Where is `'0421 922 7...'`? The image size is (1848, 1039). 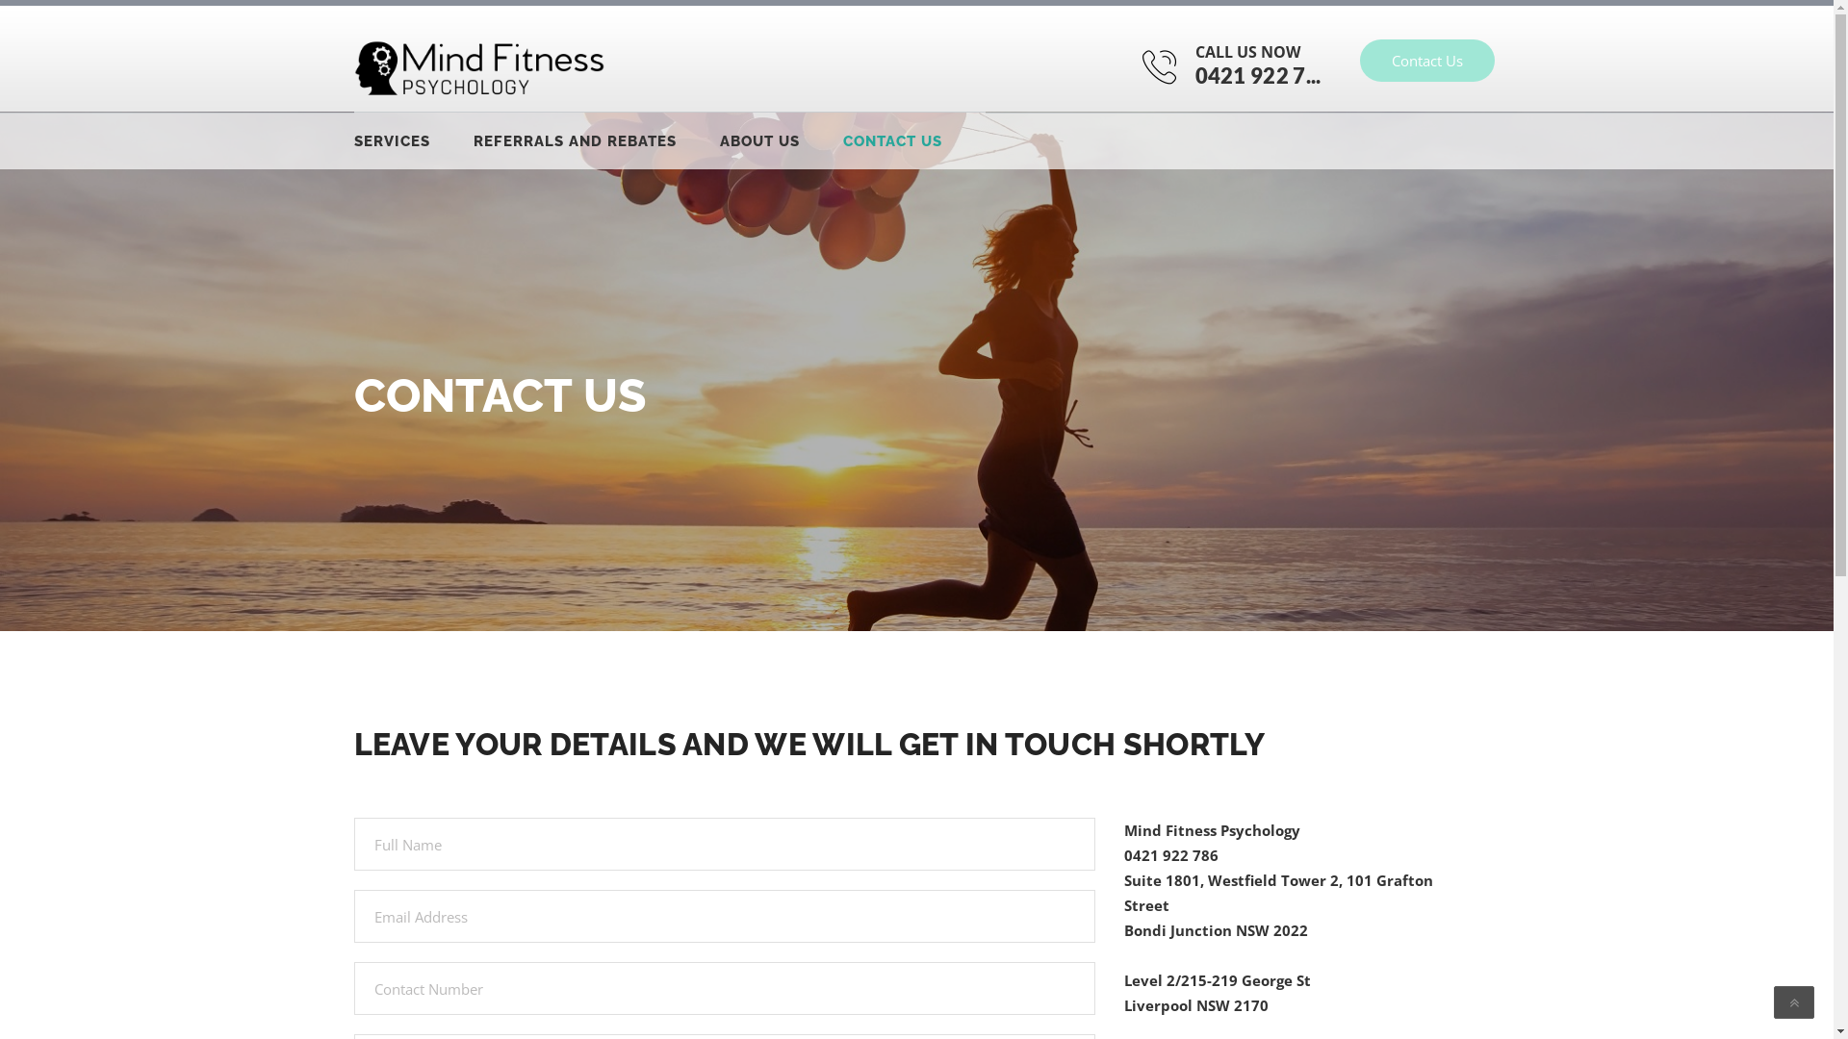 '0421 922 7...' is located at coordinates (1258, 74).